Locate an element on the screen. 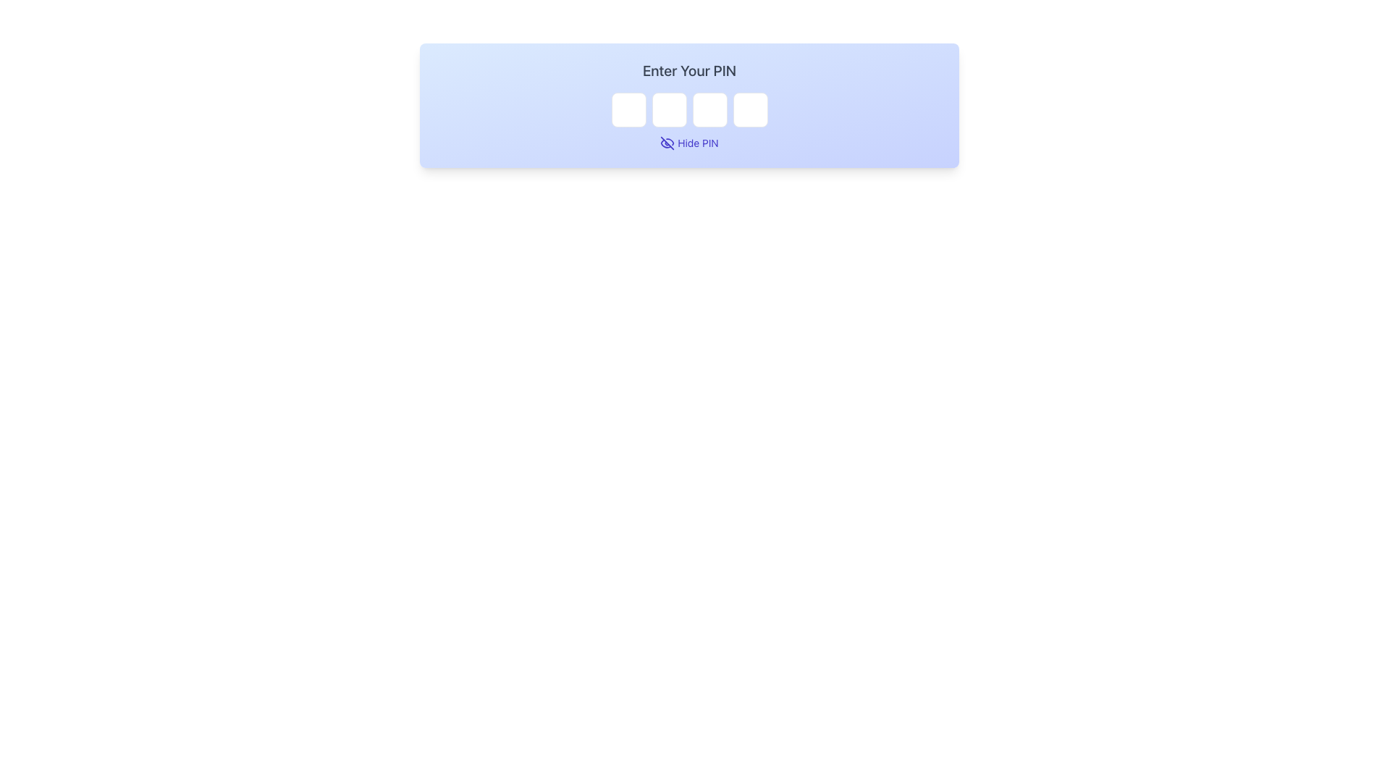 The height and width of the screenshot is (782, 1390). the icon located to the left of the 'Hide PIN' text in the PIN input area is located at coordinates (667, 143).